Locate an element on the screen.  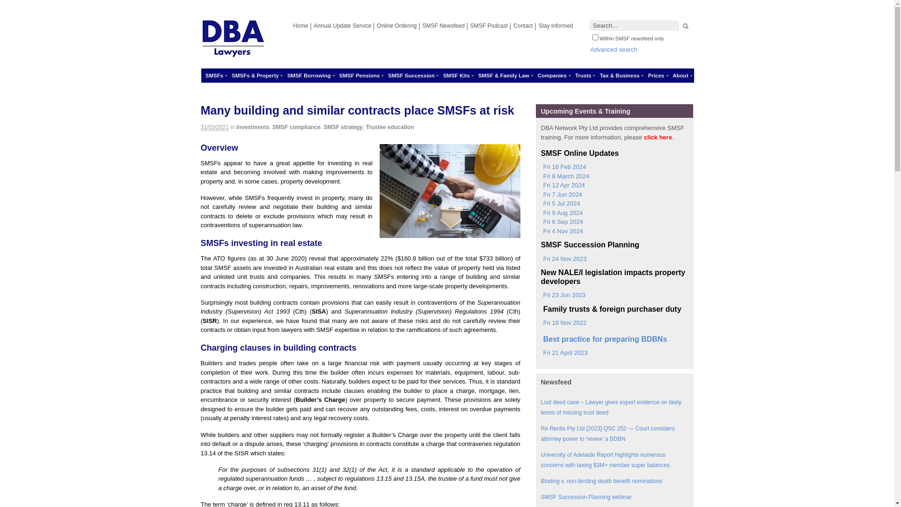
'SMSF Newsfeed' is located at coordinates (443, 25).